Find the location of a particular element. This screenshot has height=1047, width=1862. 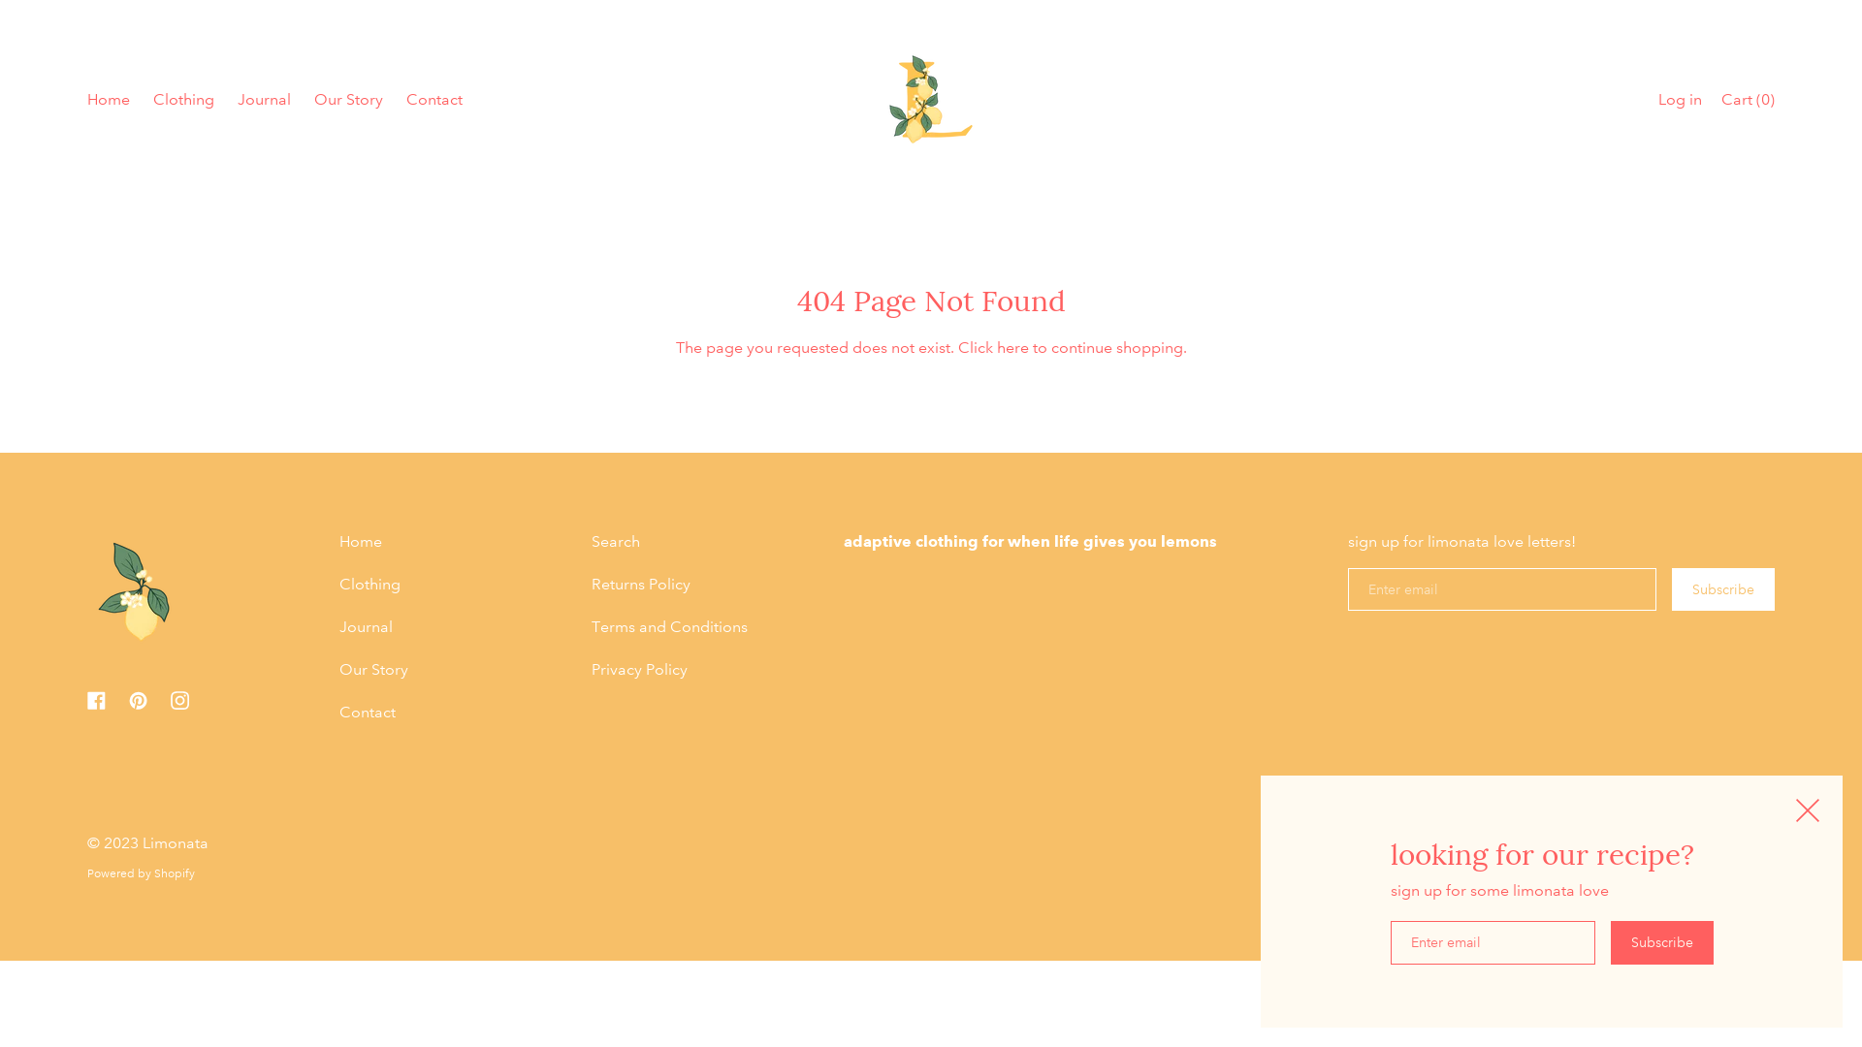

'here' is located at coordinates (996, 346).